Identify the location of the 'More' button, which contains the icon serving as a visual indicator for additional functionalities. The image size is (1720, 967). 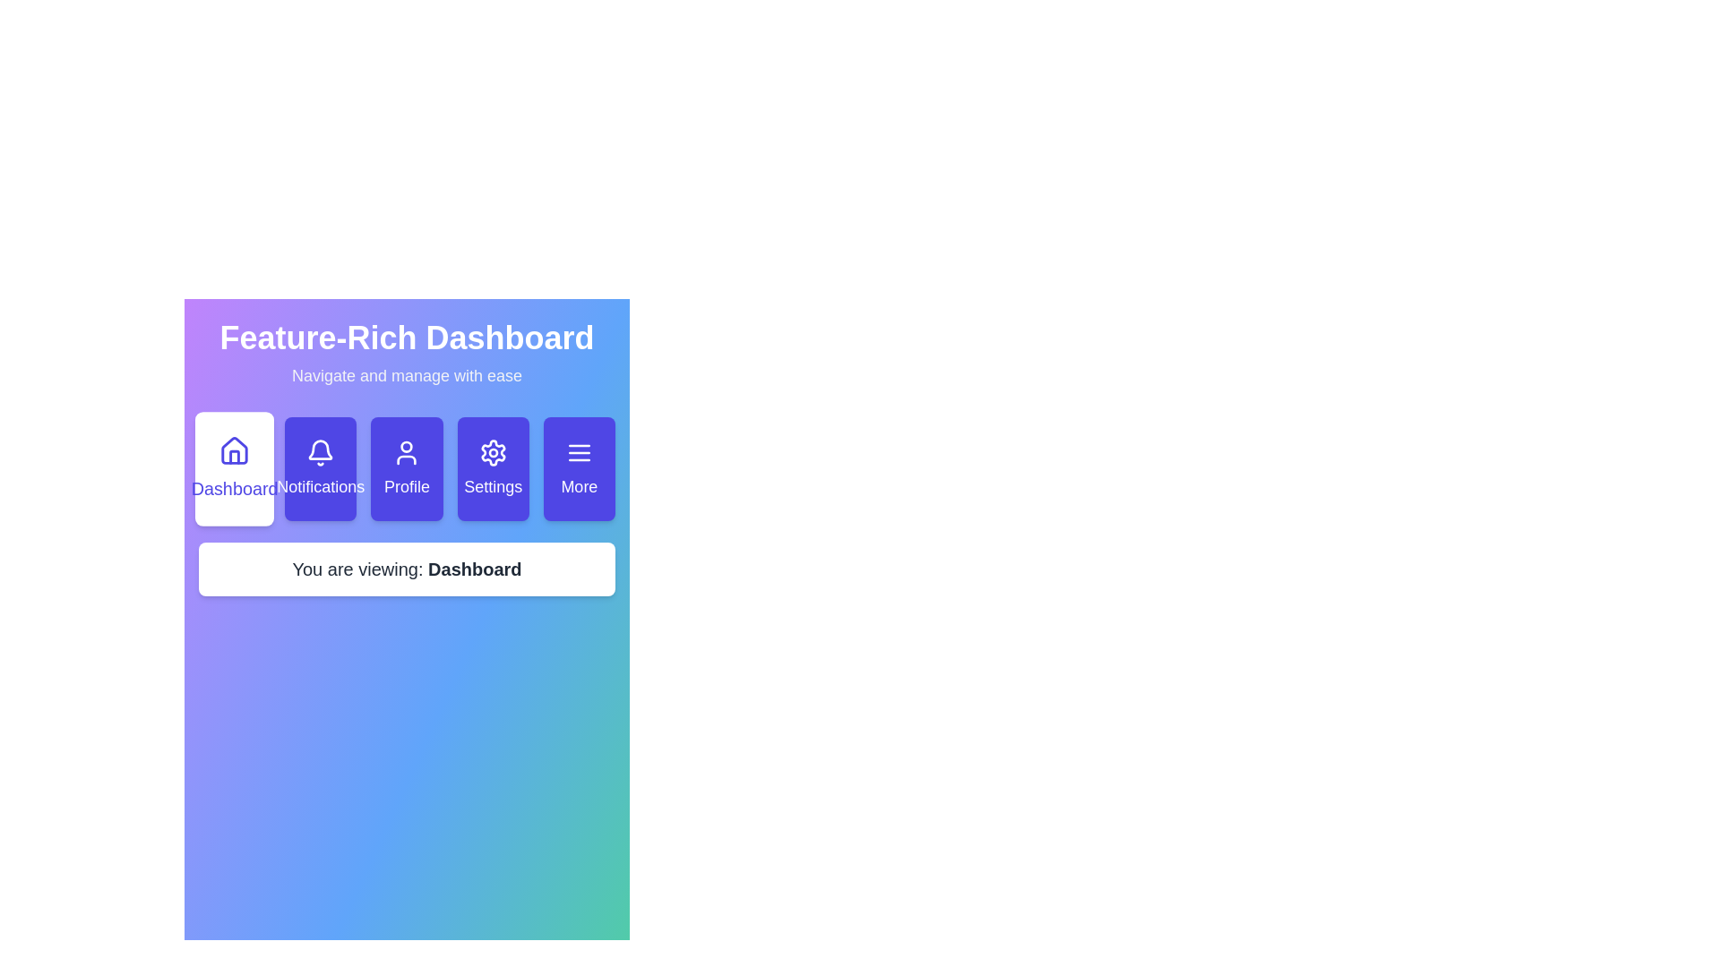
(579, 451).